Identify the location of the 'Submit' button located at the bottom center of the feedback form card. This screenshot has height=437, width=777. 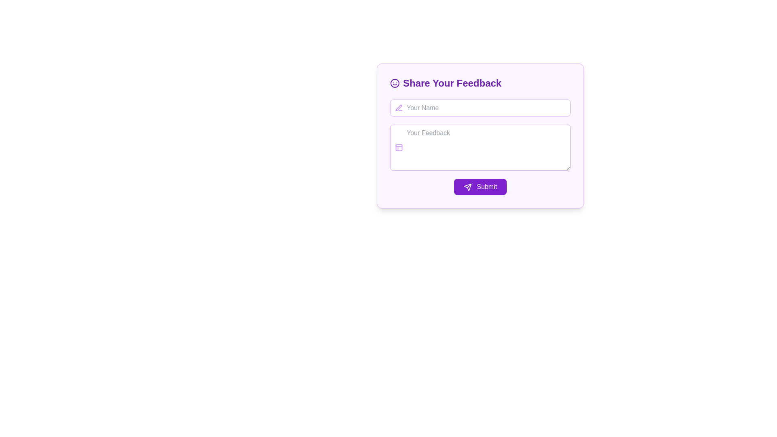
(467, 187).